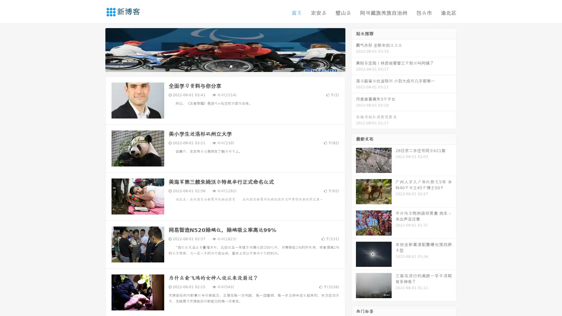 Image resolution: width=562 pixels, height=316 pixels. I want to click on Next slide, so click(354, 49).